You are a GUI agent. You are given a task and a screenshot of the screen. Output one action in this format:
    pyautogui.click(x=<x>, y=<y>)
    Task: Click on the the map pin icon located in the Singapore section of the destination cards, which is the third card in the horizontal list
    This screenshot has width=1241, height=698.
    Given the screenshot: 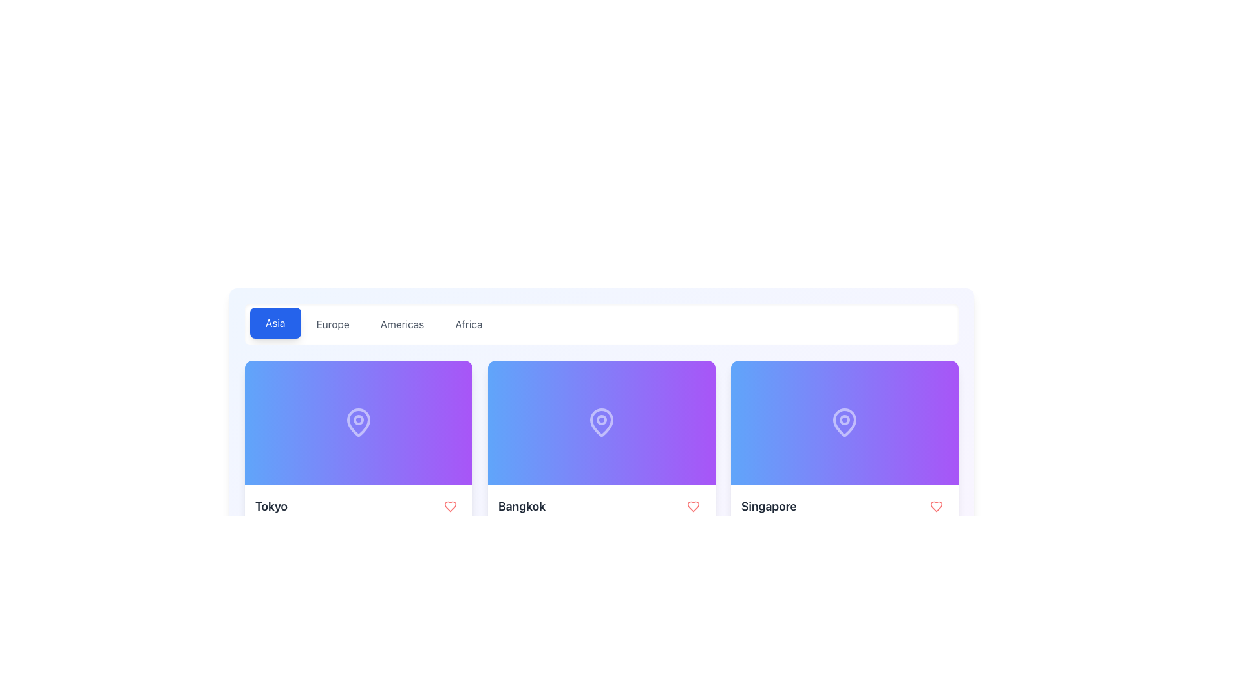 What is the action you would take?
    pyautogui.click(x=844, y=423)
    